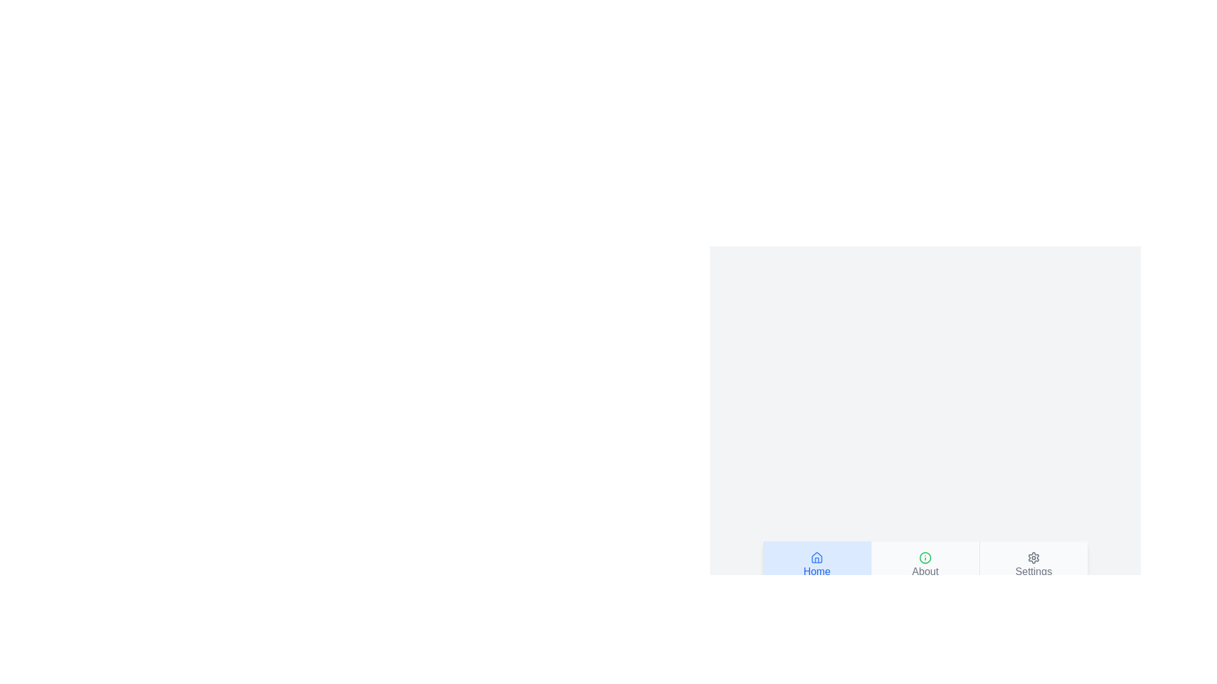 The width and height of the screenshot is (1217, 684). I want to click on the Settings tab, so click(1033, 564).